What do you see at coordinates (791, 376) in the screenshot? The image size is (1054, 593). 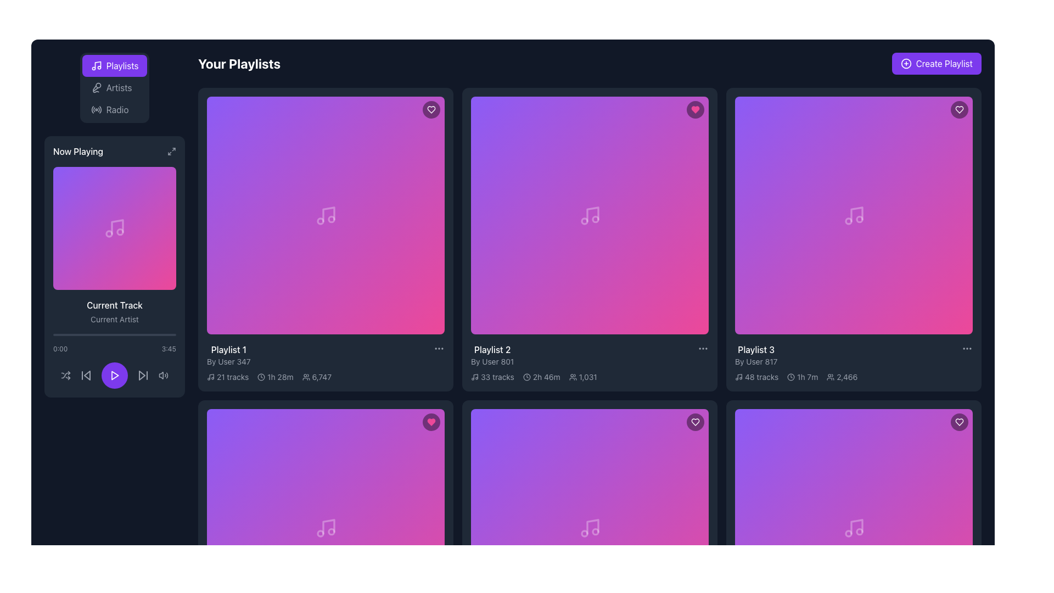 I see `the clock icon located to the left of the '1h 7m' text in the metadata group of the 'Playlist 3' card` at bounding box center [791, 376].